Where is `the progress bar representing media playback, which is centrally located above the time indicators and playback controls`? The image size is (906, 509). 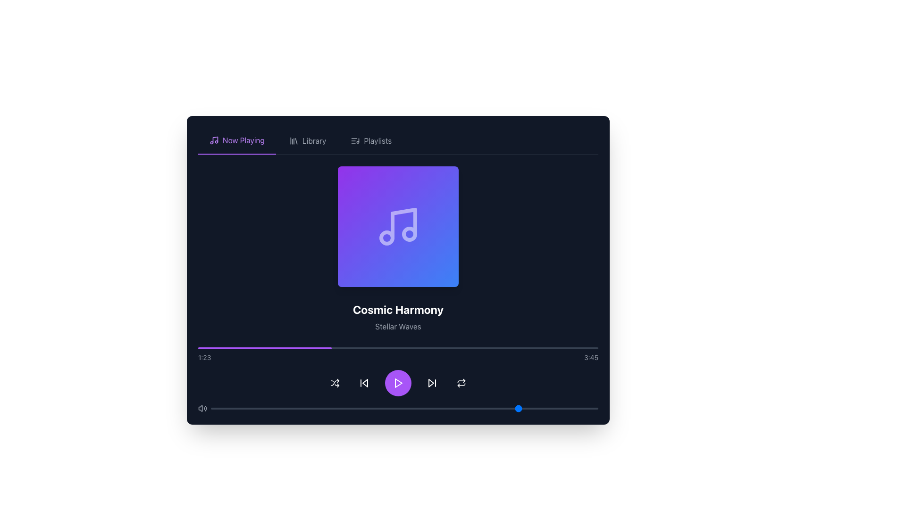
the progress bar representing media playback, which is centrally located above the time indicators and playback controls is located at coordinates (398, 348).